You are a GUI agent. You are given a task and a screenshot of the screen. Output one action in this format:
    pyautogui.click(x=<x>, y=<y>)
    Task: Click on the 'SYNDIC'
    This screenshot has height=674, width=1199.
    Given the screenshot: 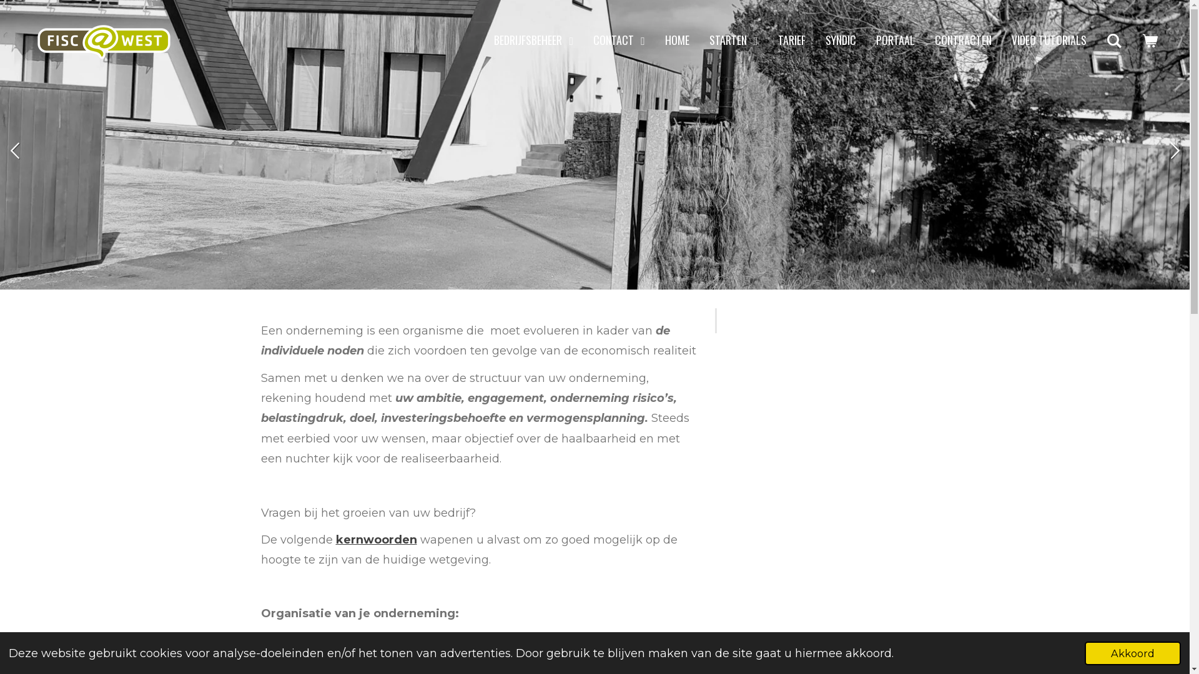 What is the action you would take?
    pyautogui.click(x=841, y=39)
    